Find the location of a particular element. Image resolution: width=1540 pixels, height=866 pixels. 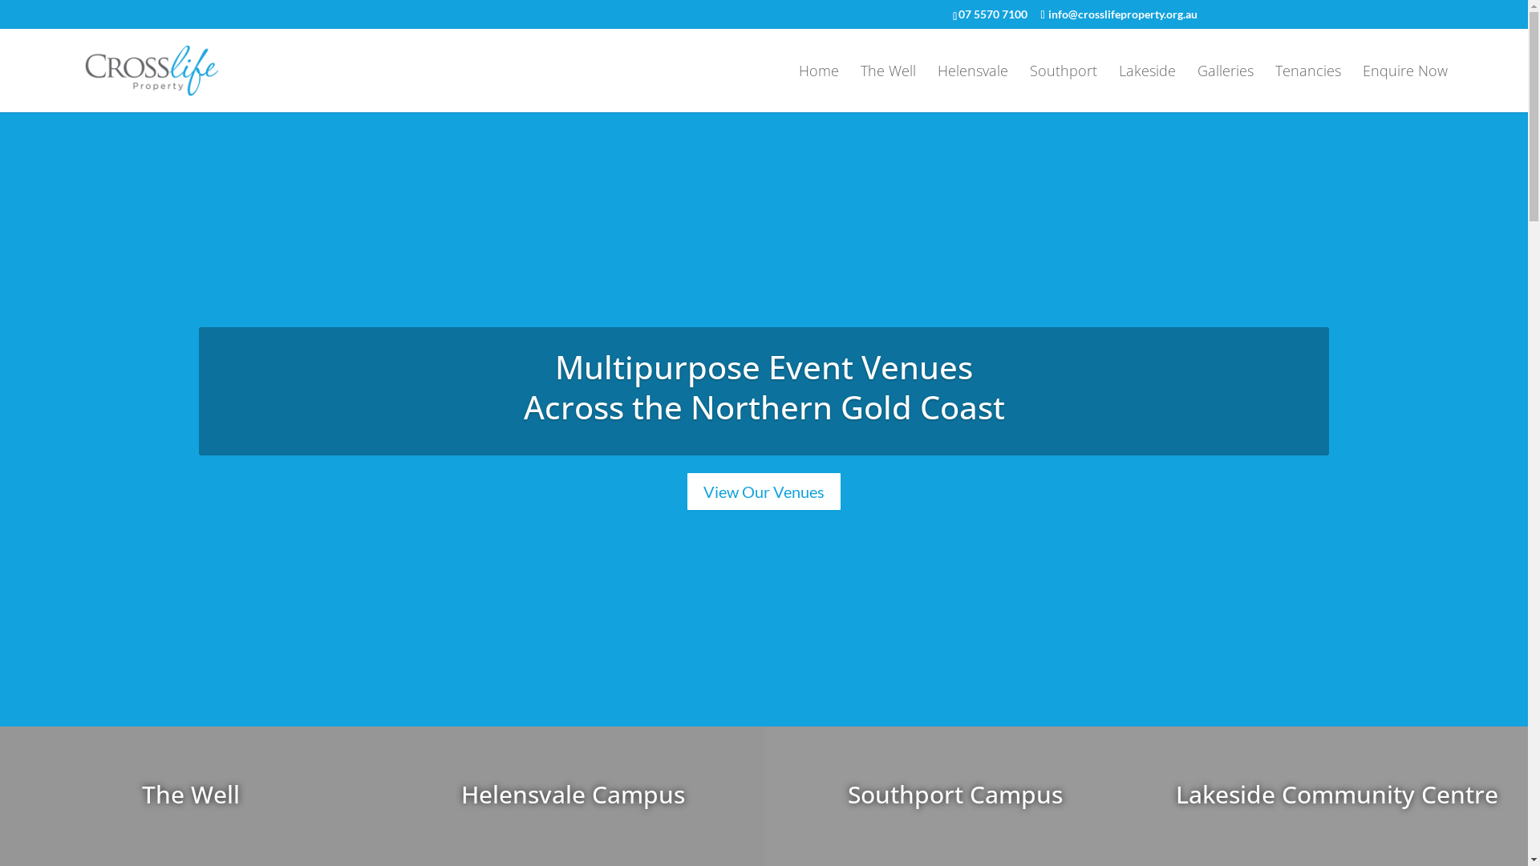

'Home' is located at coordinates (819, 88).